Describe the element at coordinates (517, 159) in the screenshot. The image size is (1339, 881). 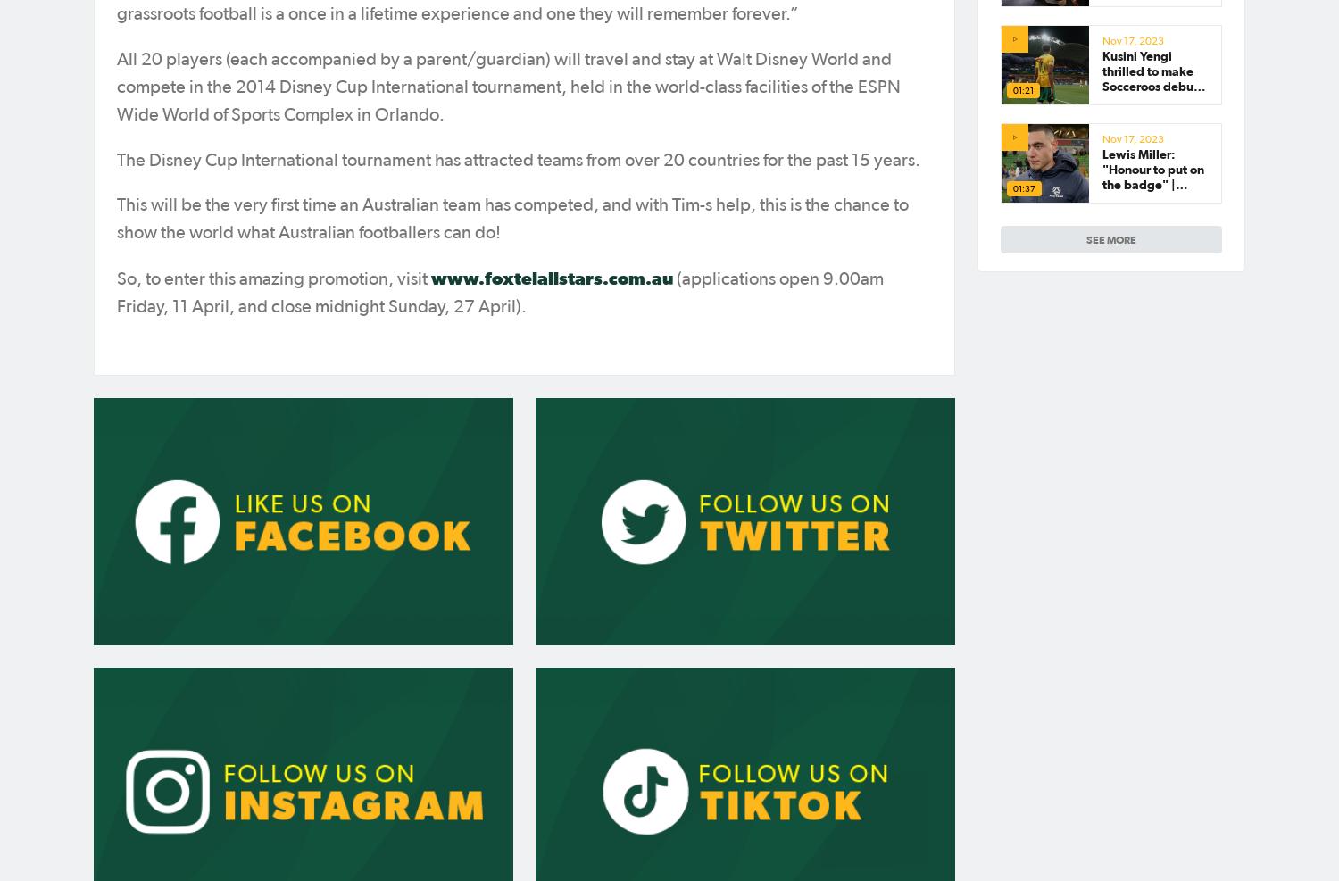
I see `'The Disney Cup International tournament has attracted teams from over 20 countries for the past 15 years.'` at that location.